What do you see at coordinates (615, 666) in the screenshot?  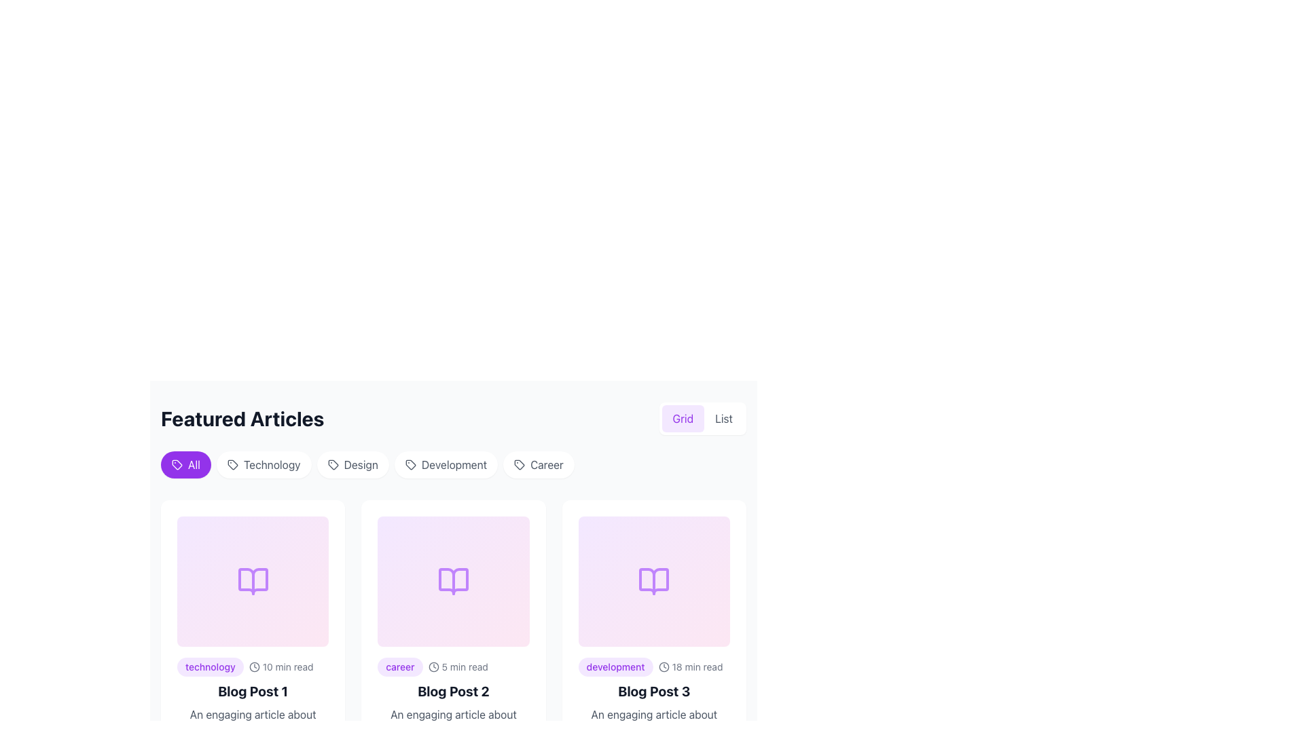 I see `the pill-shaped tag with the text 'development' in purple on a light purple background, located within the metadata section under 'Blog Post 3'` at bounding box center [615, 666].